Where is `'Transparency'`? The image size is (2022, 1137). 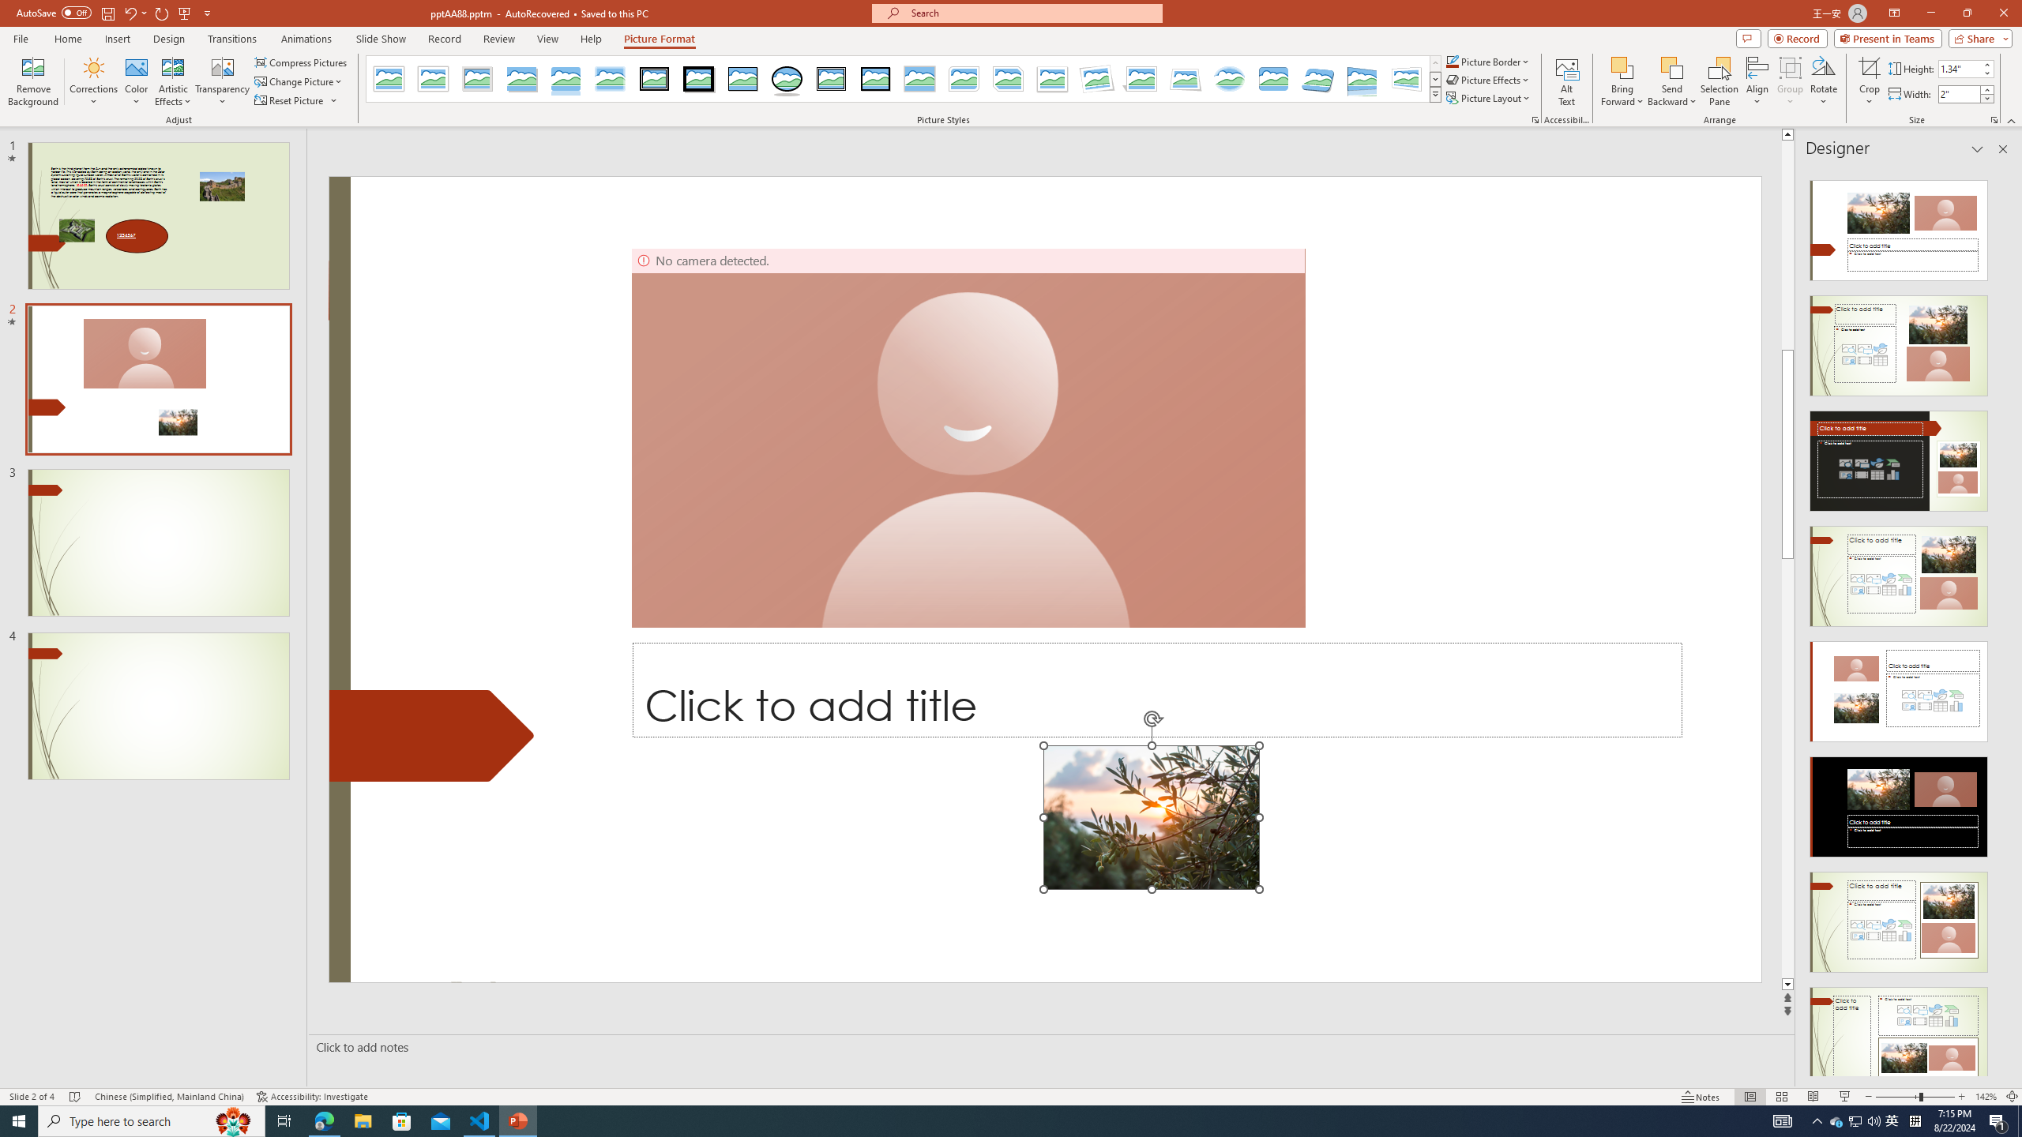
'Transparency' is located at coordinates (222, 81).